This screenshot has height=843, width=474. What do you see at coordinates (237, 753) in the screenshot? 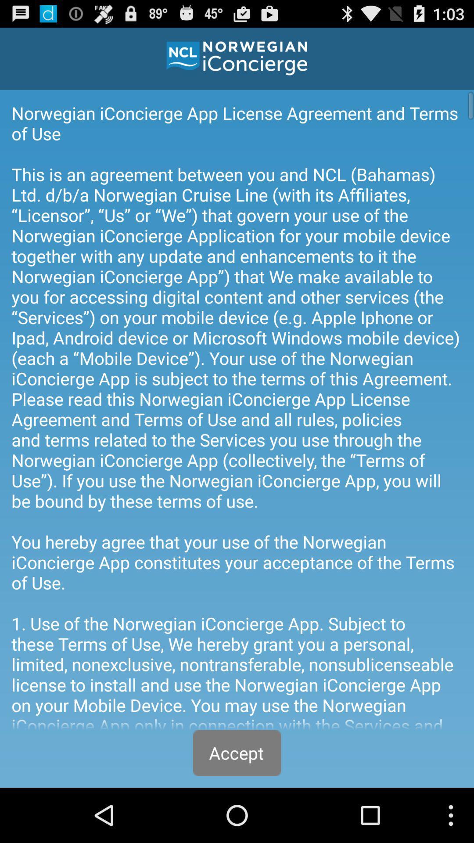
I see `item below norwegian iconcierge app` at bounding box center [237, 753].